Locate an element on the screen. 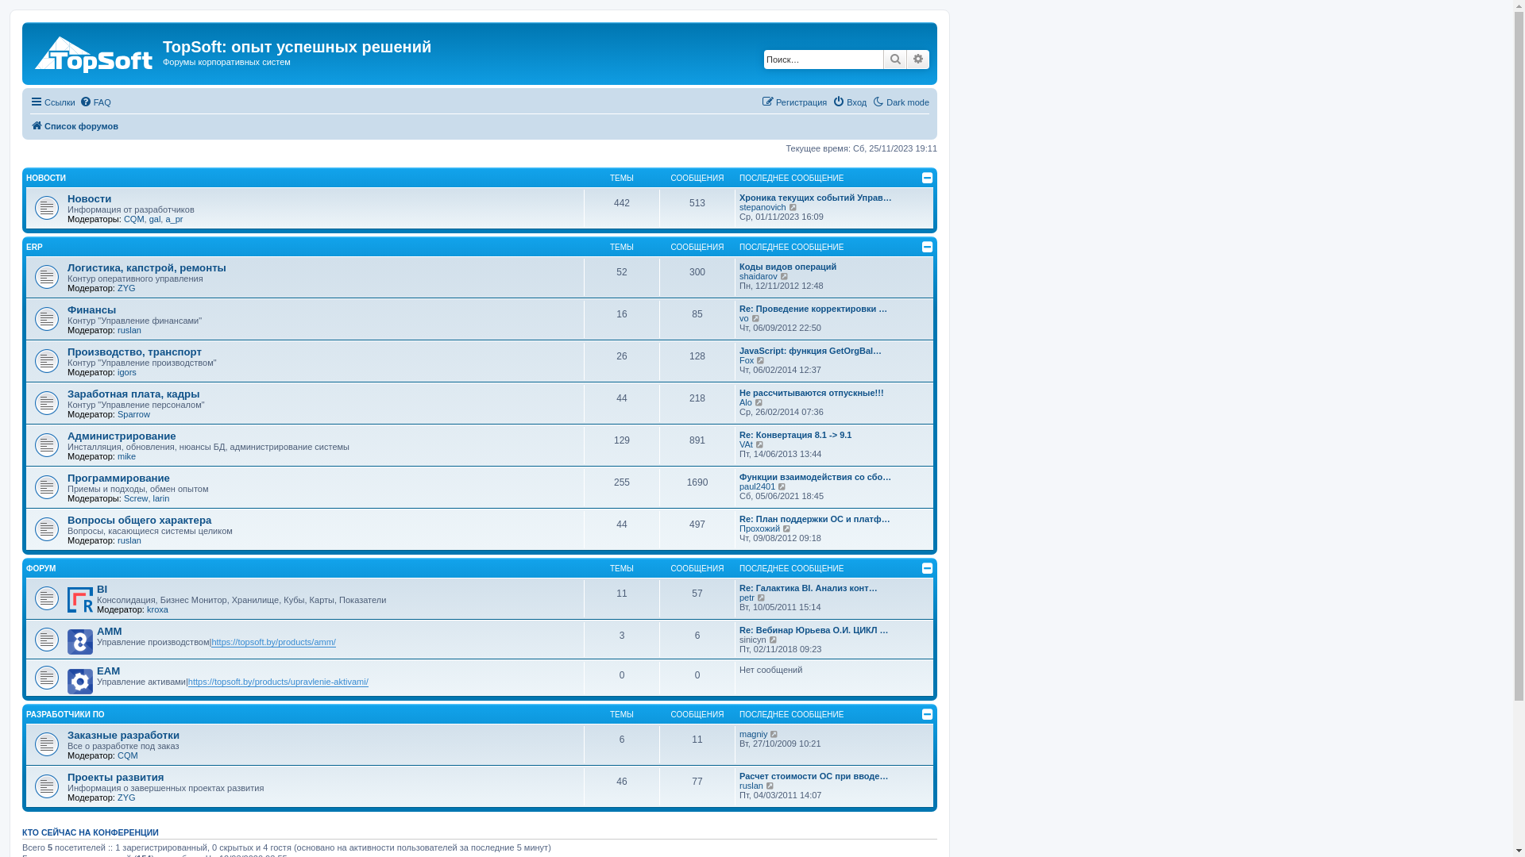 The height and width of the screenshot is (857, 1525). 'a_pr' is located at coordinates (174, 219).